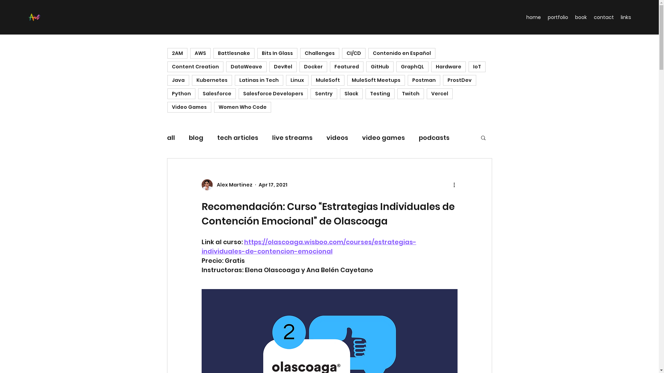  What do you see at coordinates (533, 17) in the screenshot?
I see `'home'` at bounding box center [533, 17].